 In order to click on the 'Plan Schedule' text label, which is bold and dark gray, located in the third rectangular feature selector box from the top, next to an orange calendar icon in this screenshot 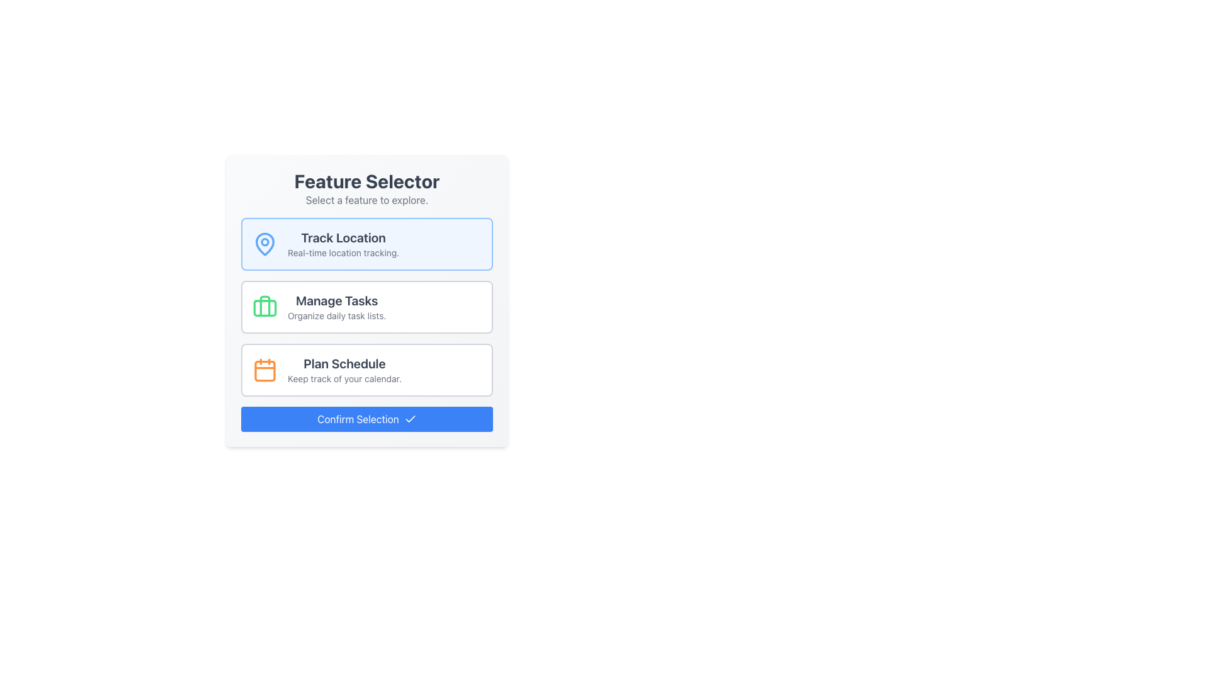, I will do `click(344, 364)`.